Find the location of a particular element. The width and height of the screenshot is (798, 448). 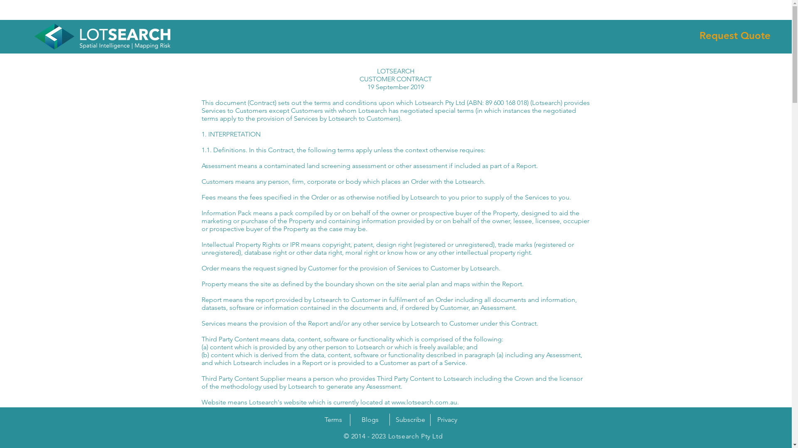

'www.lotsearch.com.au' is located at coordinates (424, 402).